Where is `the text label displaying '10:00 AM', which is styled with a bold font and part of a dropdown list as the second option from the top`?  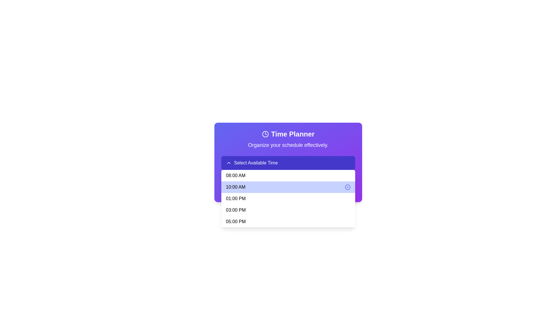 the text label displaying '10:00 AM', which is styled with a bold font and part of a dropdown list as the second option from the top is located at coordinates (235, 187).